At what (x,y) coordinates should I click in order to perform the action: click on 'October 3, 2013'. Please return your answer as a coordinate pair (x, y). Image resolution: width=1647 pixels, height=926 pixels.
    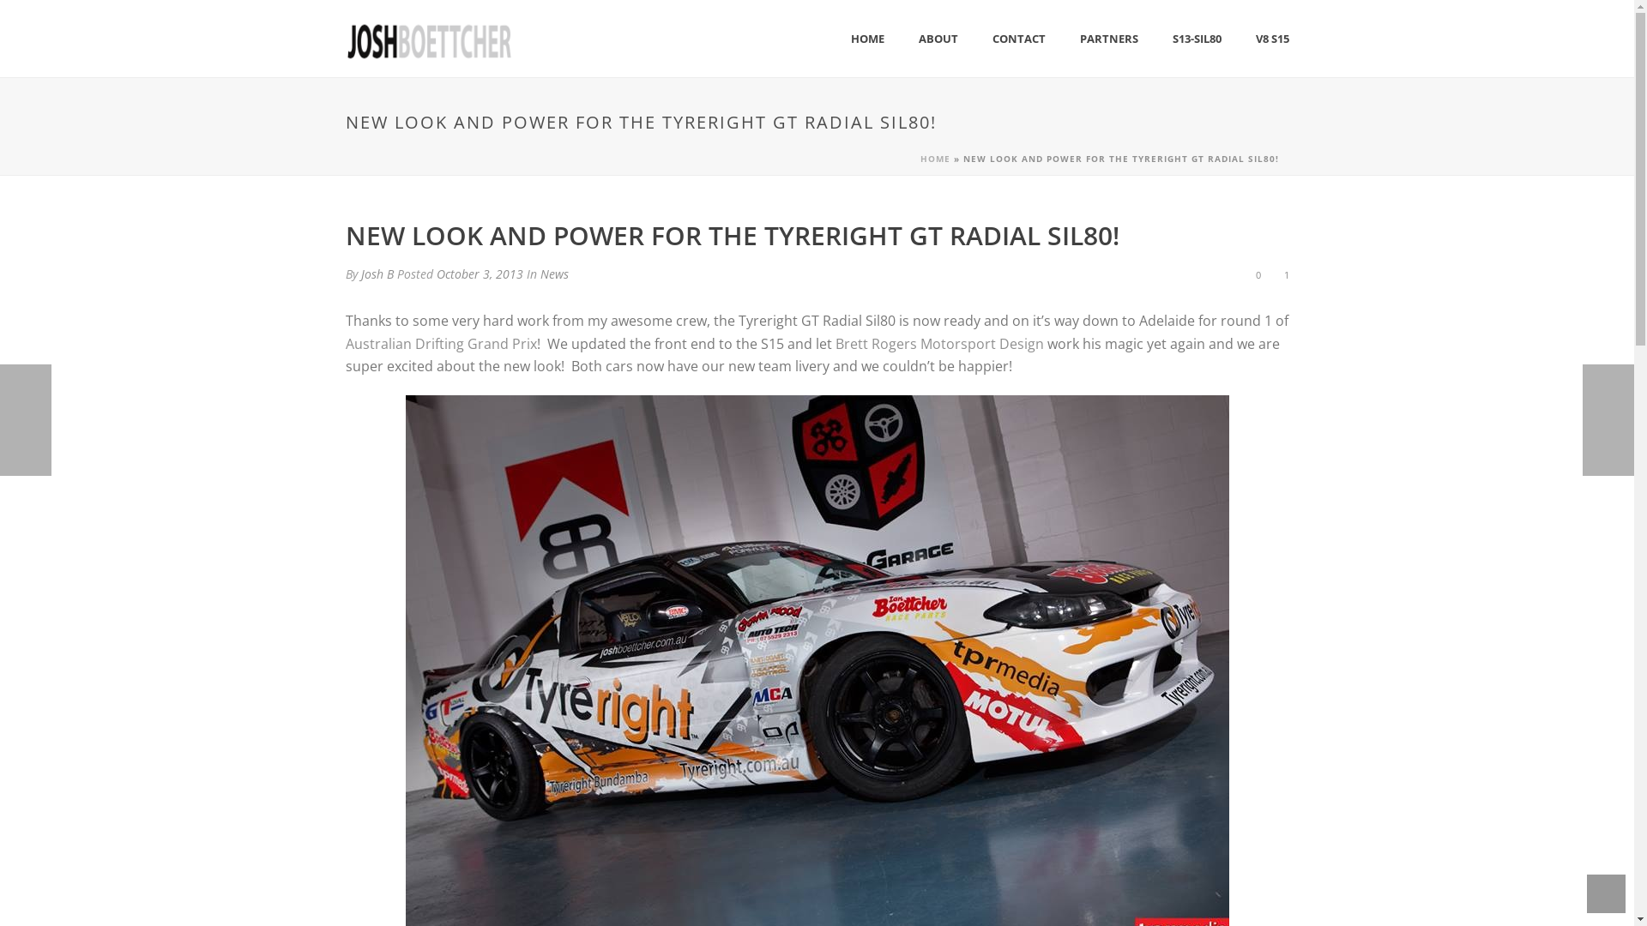
    Looking at the image, I should click on (479, 273).